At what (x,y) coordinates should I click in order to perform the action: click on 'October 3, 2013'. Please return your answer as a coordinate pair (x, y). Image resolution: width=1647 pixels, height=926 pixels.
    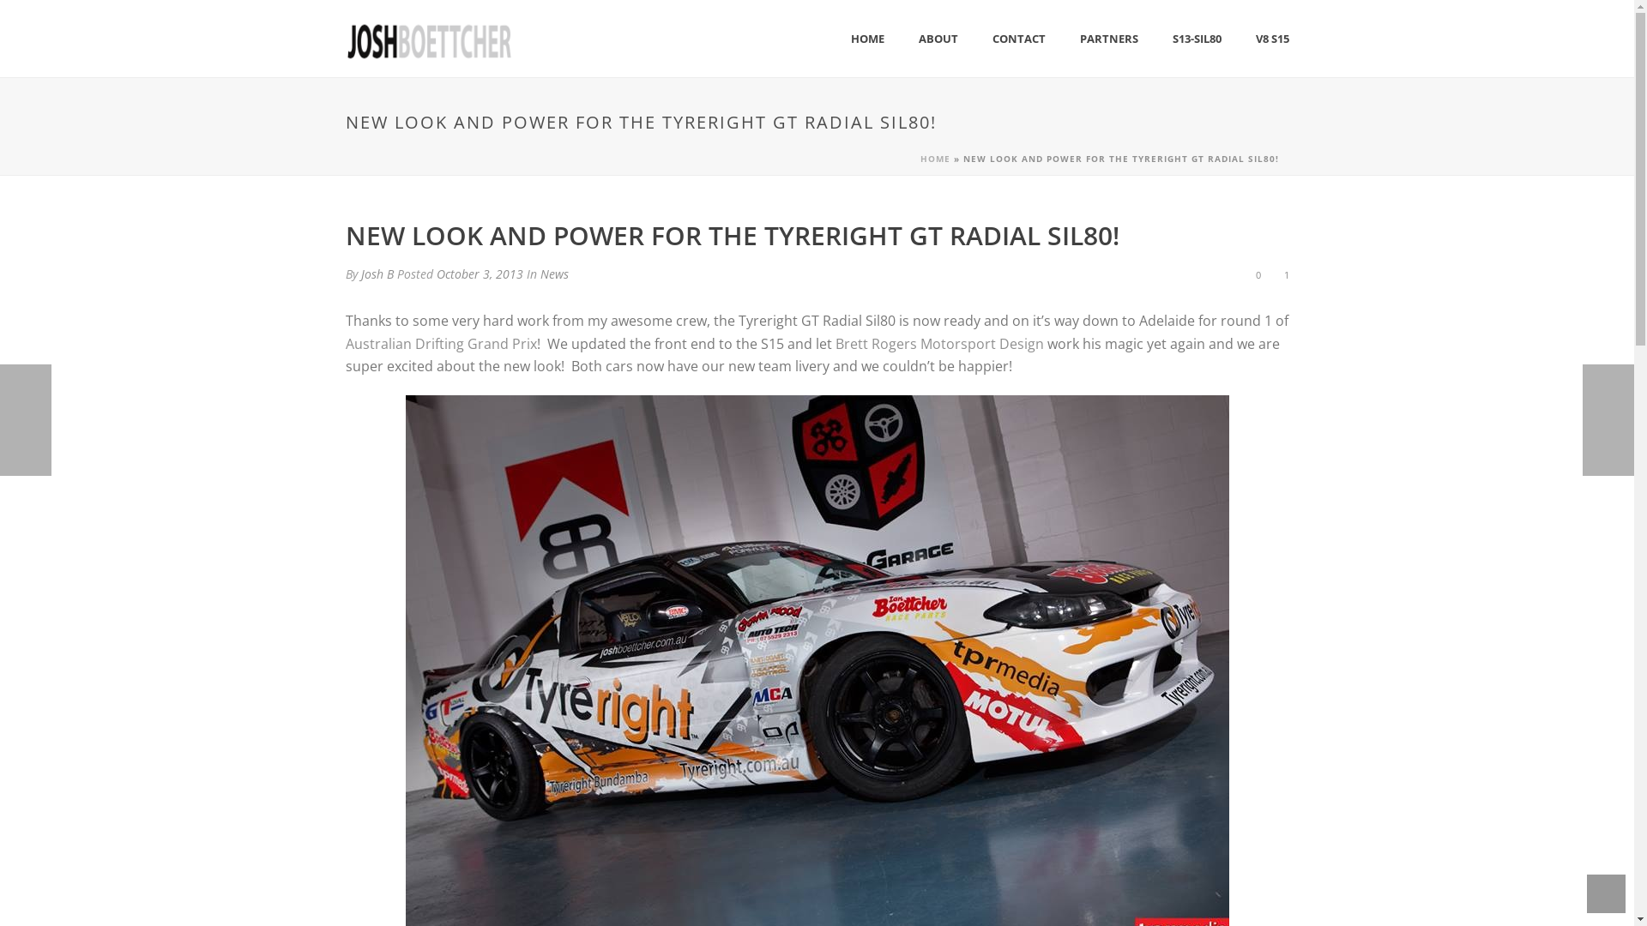
    Looking at the image, I should click on (479, 273).